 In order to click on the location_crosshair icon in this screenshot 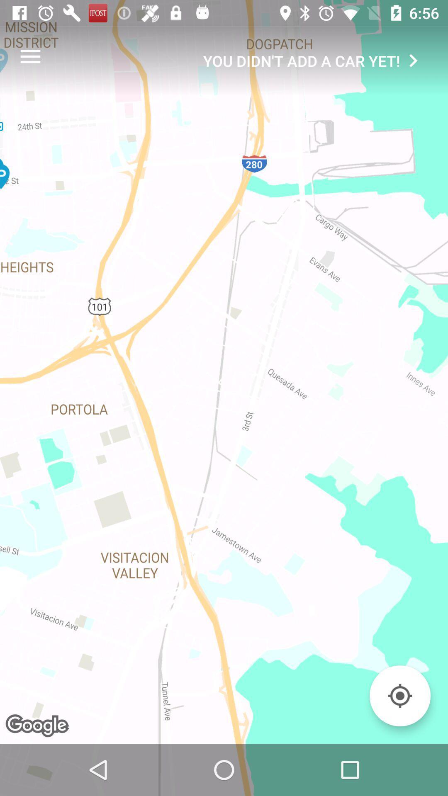, I will do `click(399, 696)`.